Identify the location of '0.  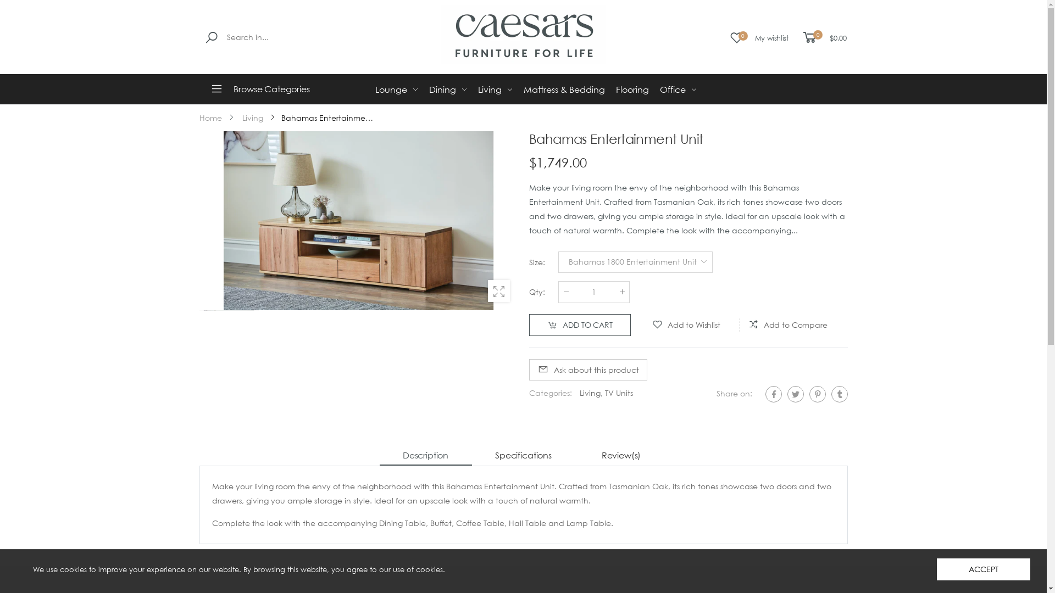
(823, 37).